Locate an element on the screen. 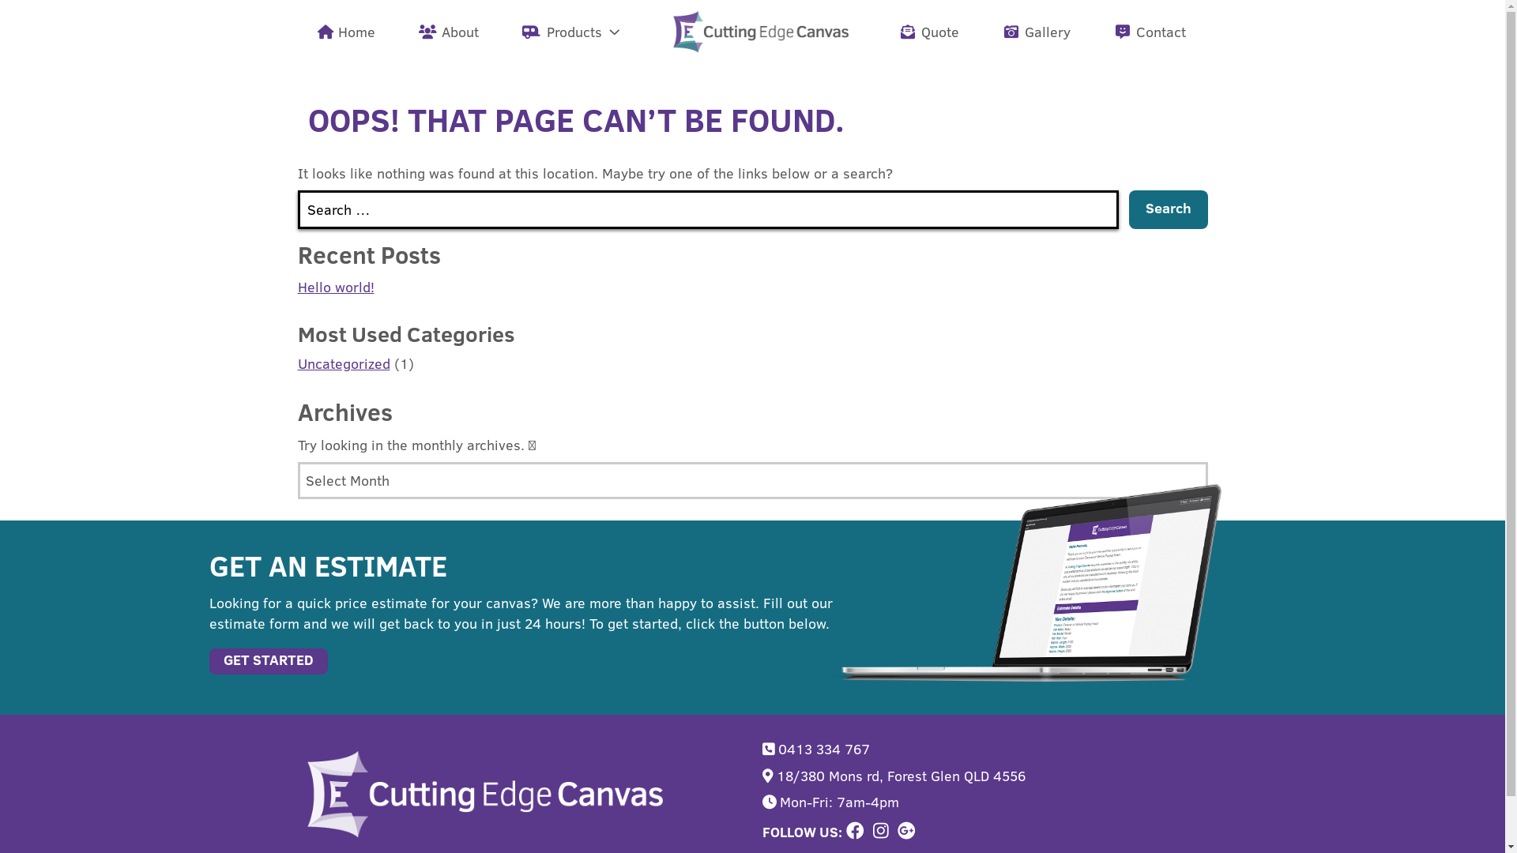  'Quote' is located at coordinates (930, 31).